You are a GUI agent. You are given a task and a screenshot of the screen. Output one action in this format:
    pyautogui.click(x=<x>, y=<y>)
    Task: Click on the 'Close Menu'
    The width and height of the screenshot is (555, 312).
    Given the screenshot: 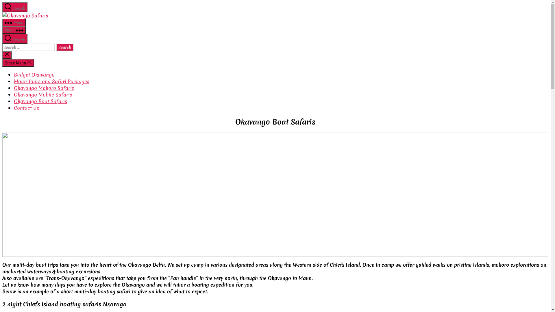 What is the action you would take?
    pyautogui.click(x=18, y=63)
    